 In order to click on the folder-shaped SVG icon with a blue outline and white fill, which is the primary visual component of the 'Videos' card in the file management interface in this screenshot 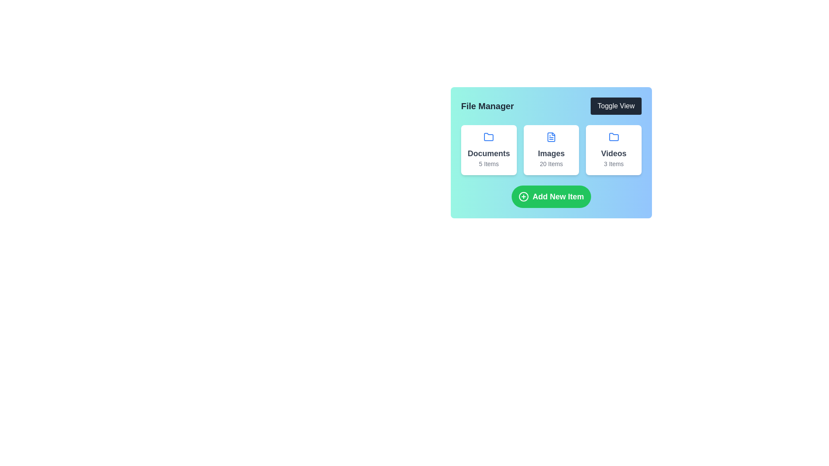, I will do `click(613, 136)`.